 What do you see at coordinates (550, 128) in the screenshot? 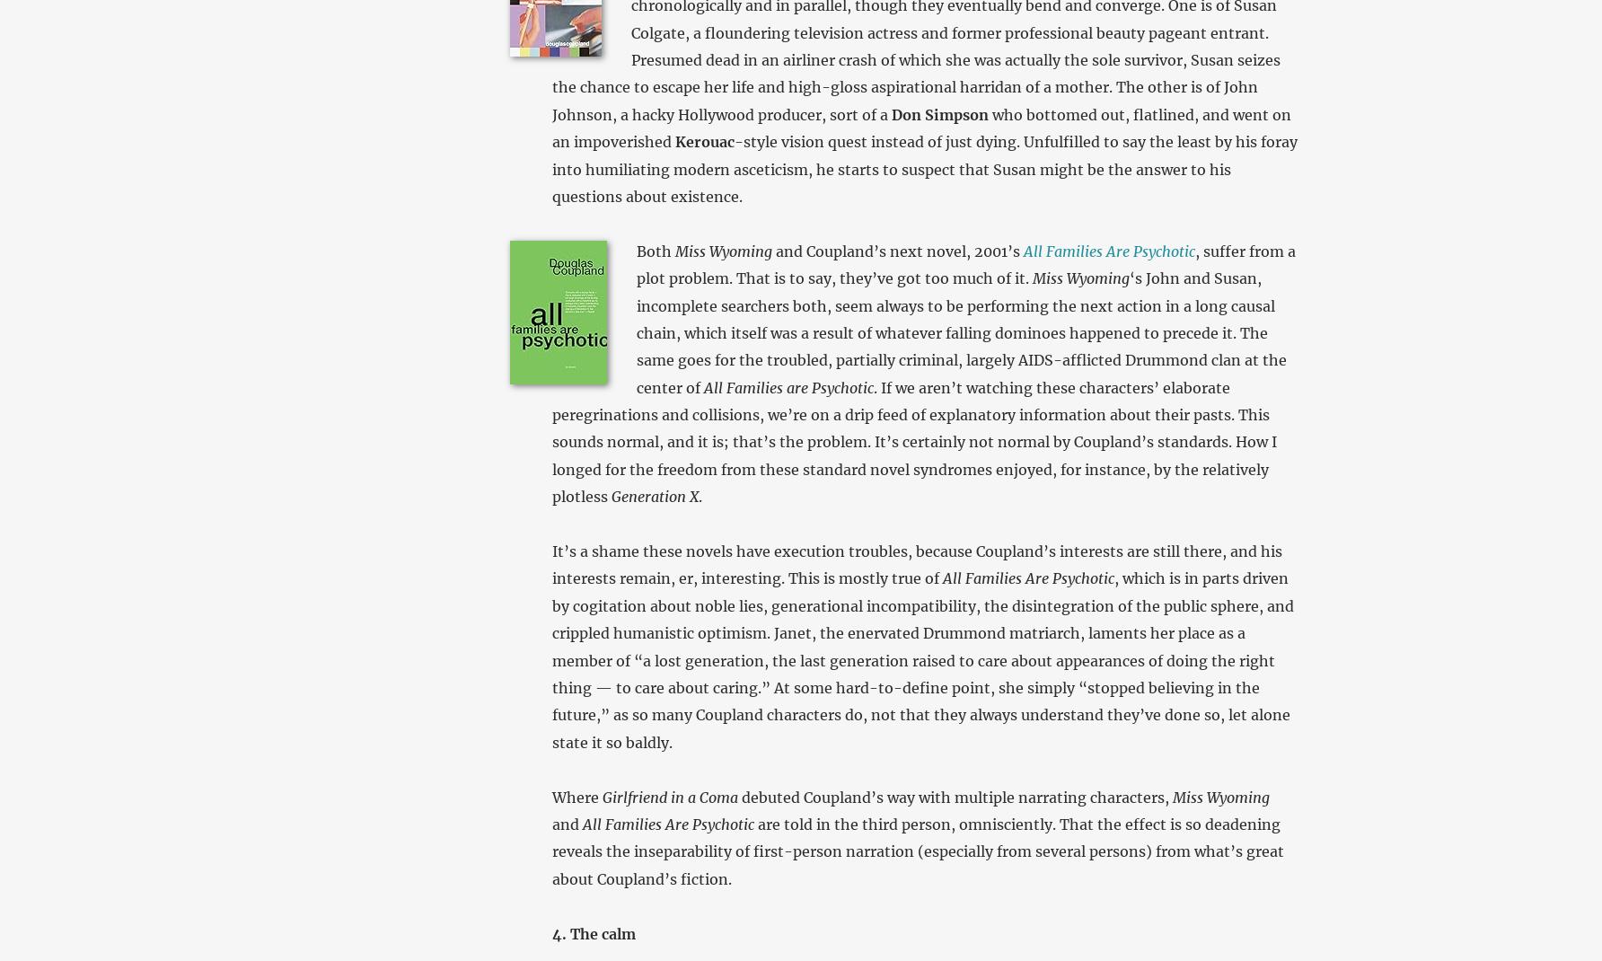
I see `'who bottomed out, flatlined, and went on an impoverished'` at bounding box center [550, 128].